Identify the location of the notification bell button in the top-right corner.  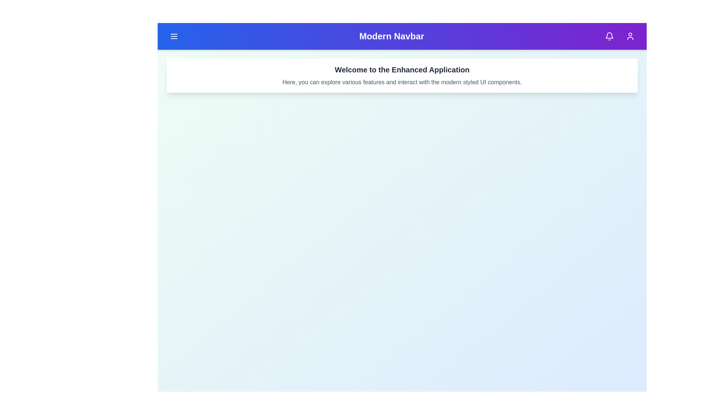
(609, 36).